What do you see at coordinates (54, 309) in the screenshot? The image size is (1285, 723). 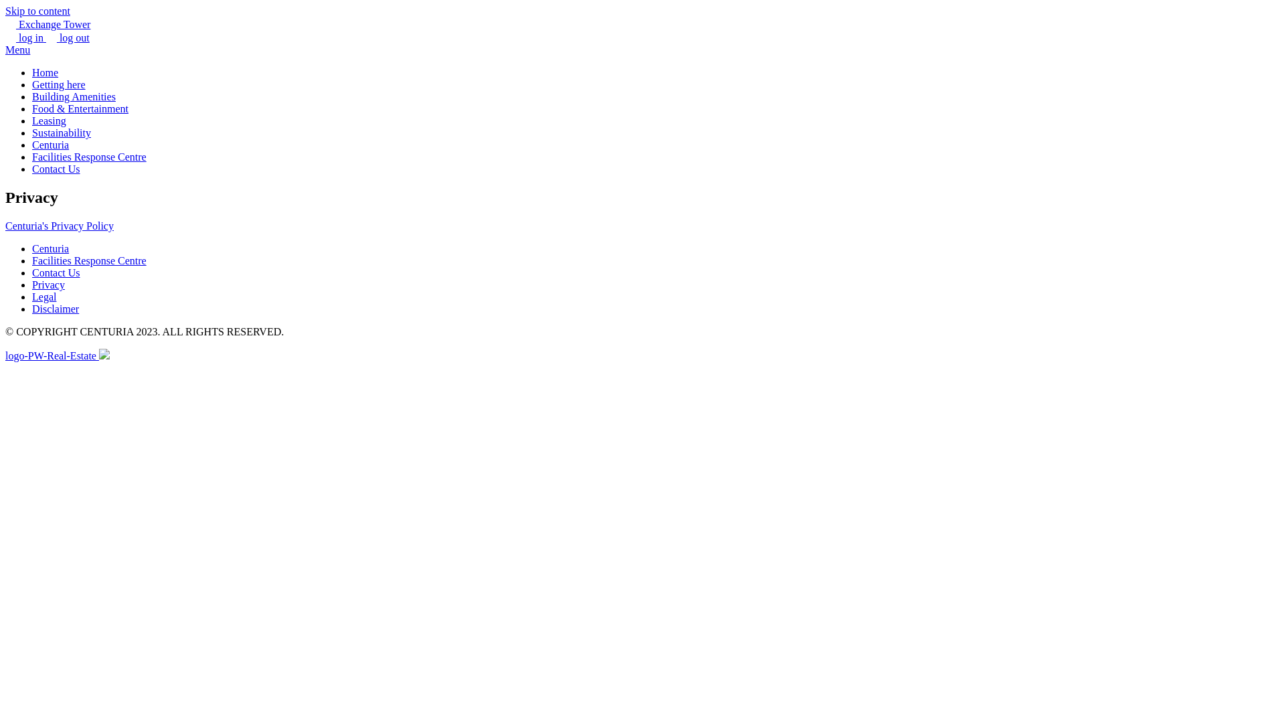 I see `'Disclaimer'` at bounding box center [54, 309].